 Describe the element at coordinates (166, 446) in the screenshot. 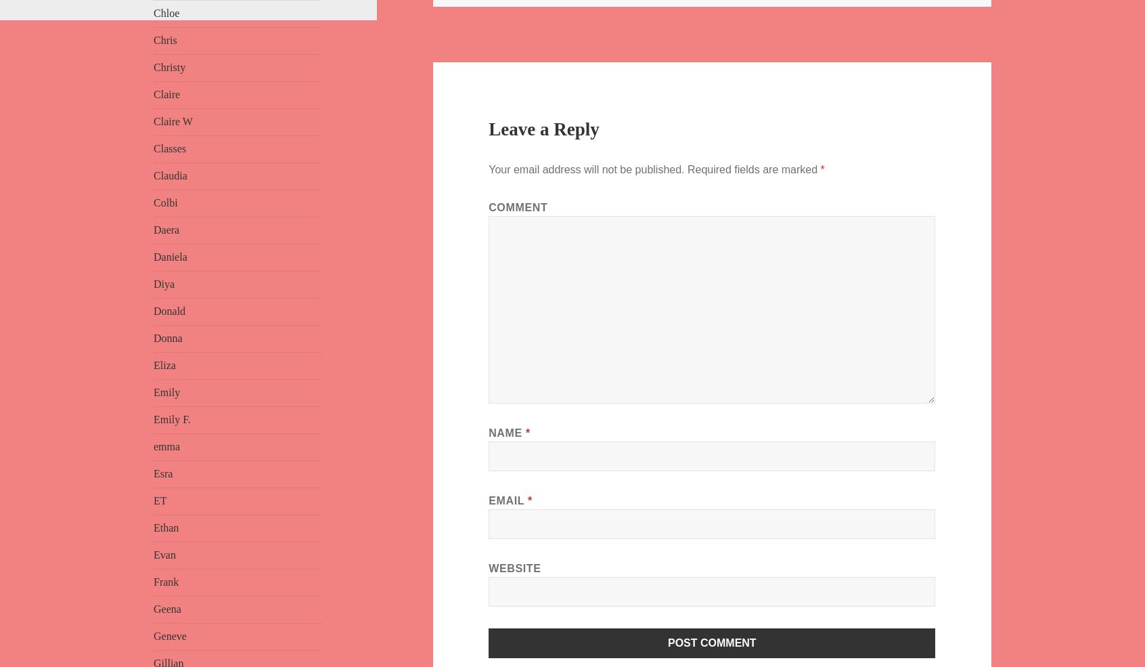

I see `'emma'` at that location.